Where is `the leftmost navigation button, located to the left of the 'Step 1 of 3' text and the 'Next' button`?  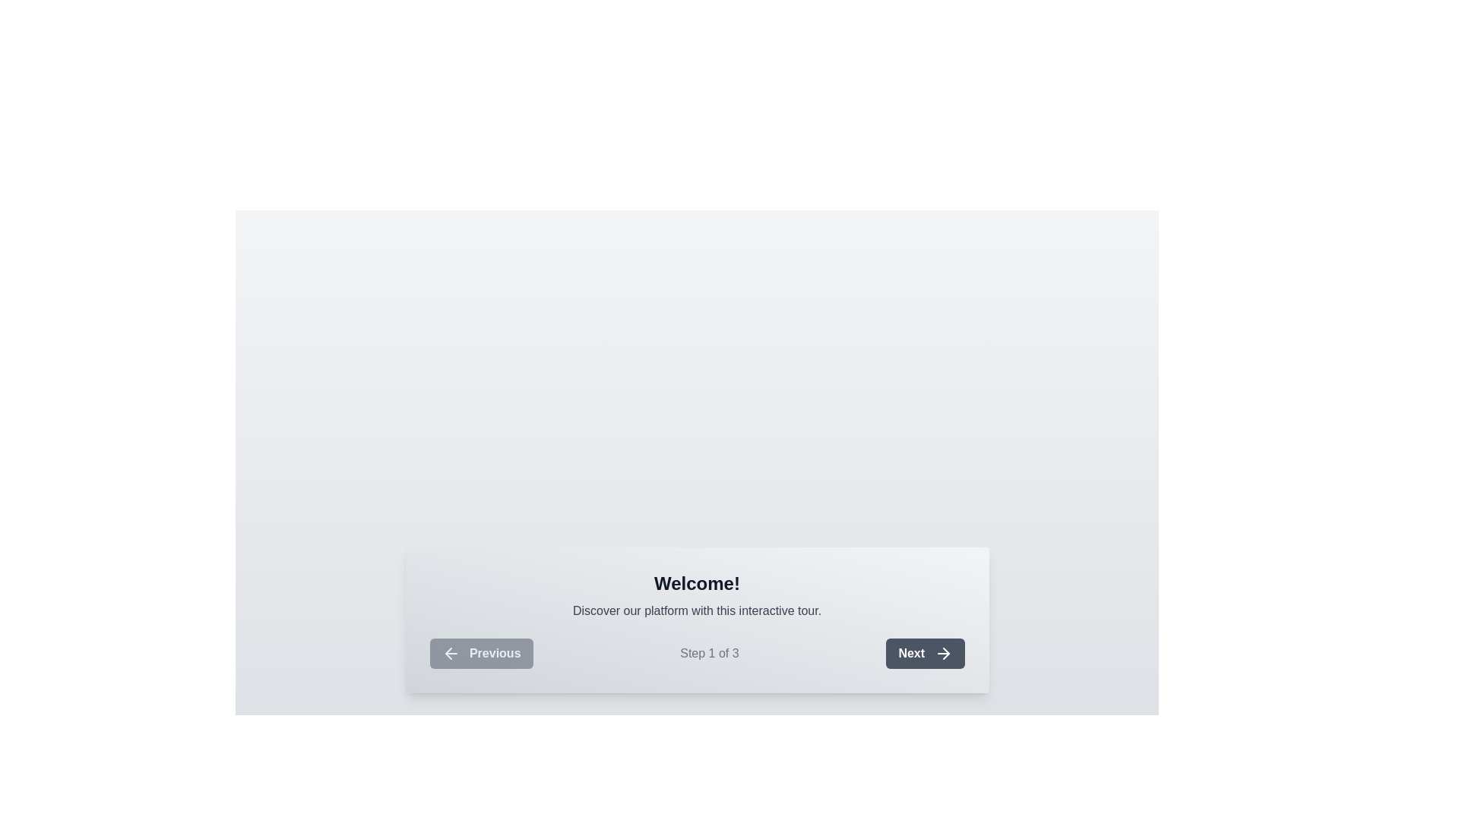 the leftmost navigation button, located to the left of the 'Step 1 of 3' text and the 'Next' button is located at coordinates (480, 652).